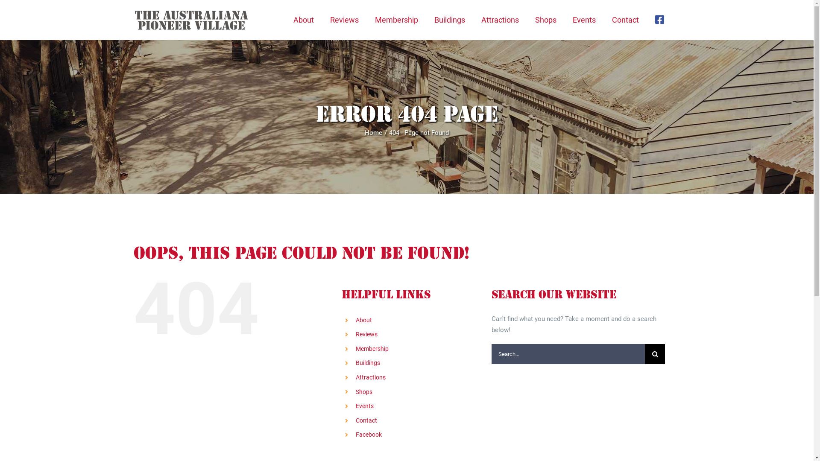  Describe the element at coordinates (364, 392) in the screenshot. I see `'Shops'` at that location.